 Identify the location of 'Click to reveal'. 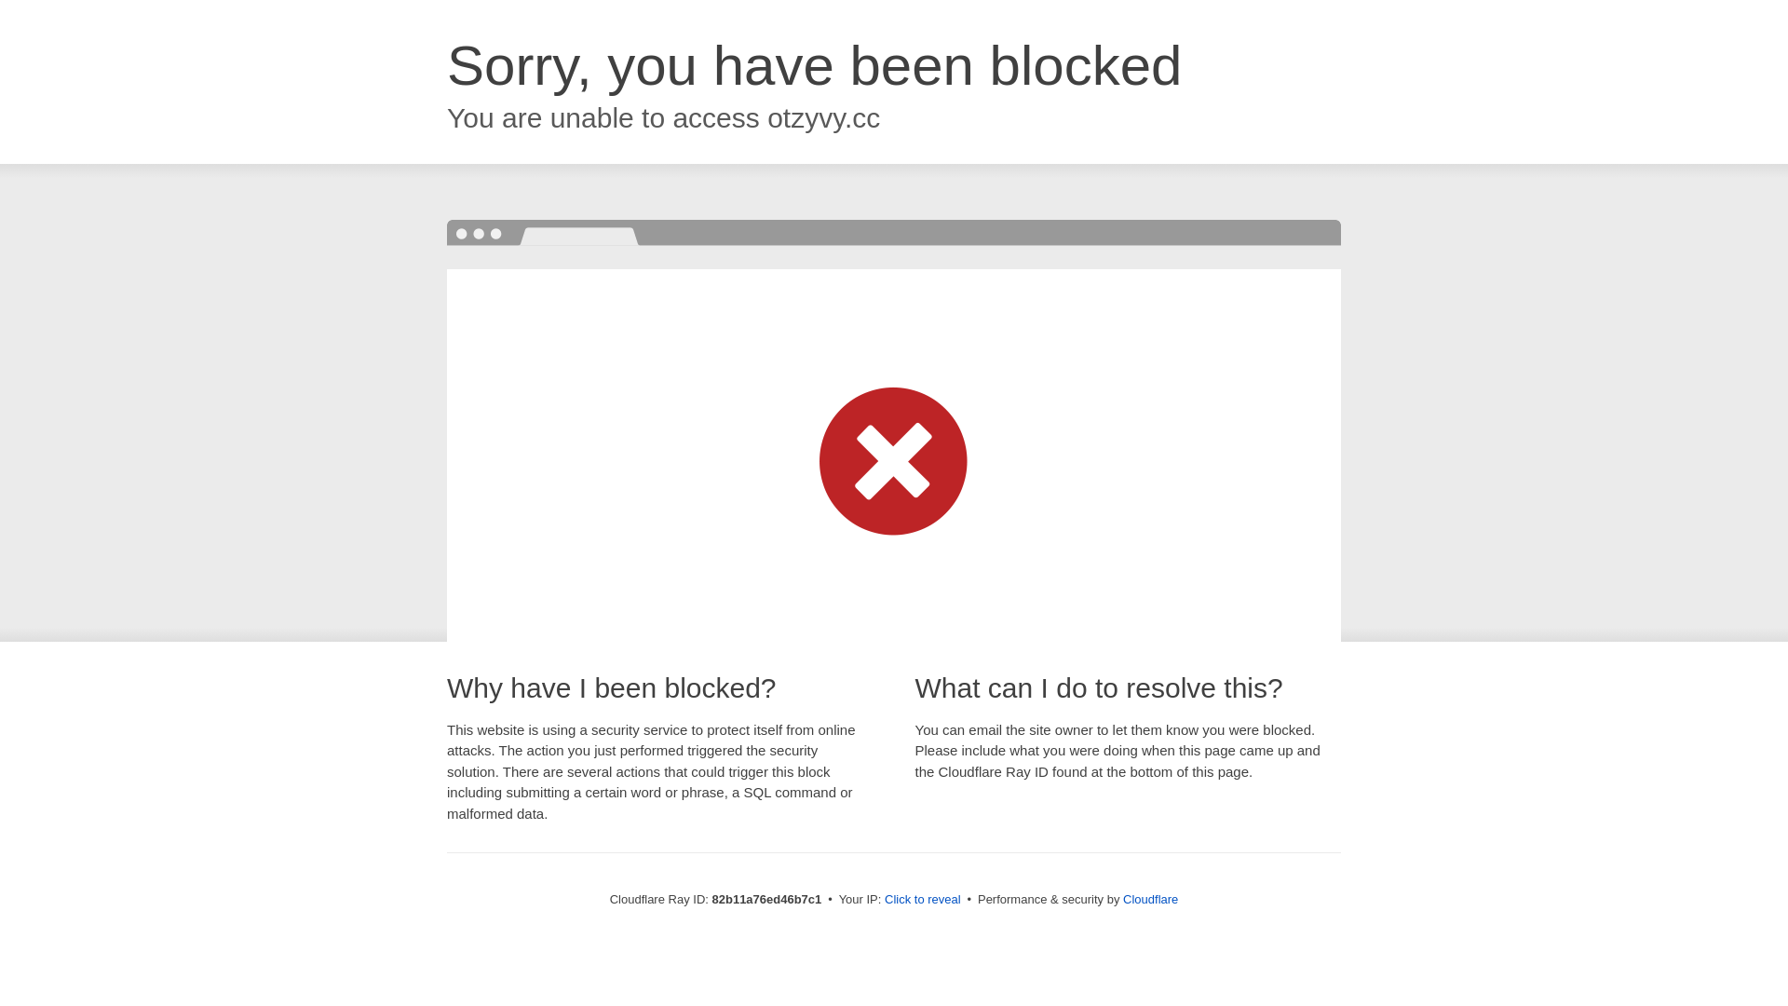
(922, 898).